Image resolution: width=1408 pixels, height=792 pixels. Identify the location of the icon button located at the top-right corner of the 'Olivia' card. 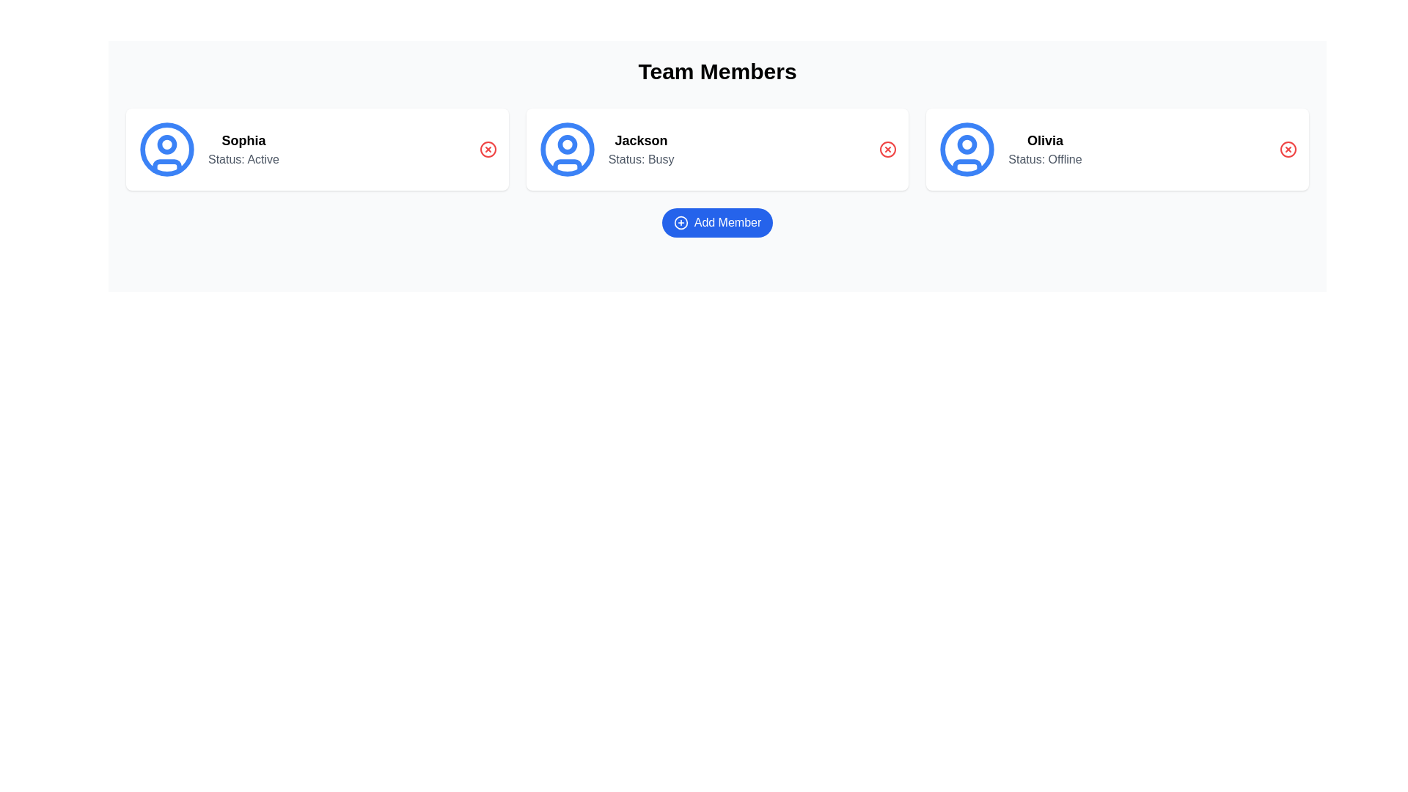
(1287, 150).